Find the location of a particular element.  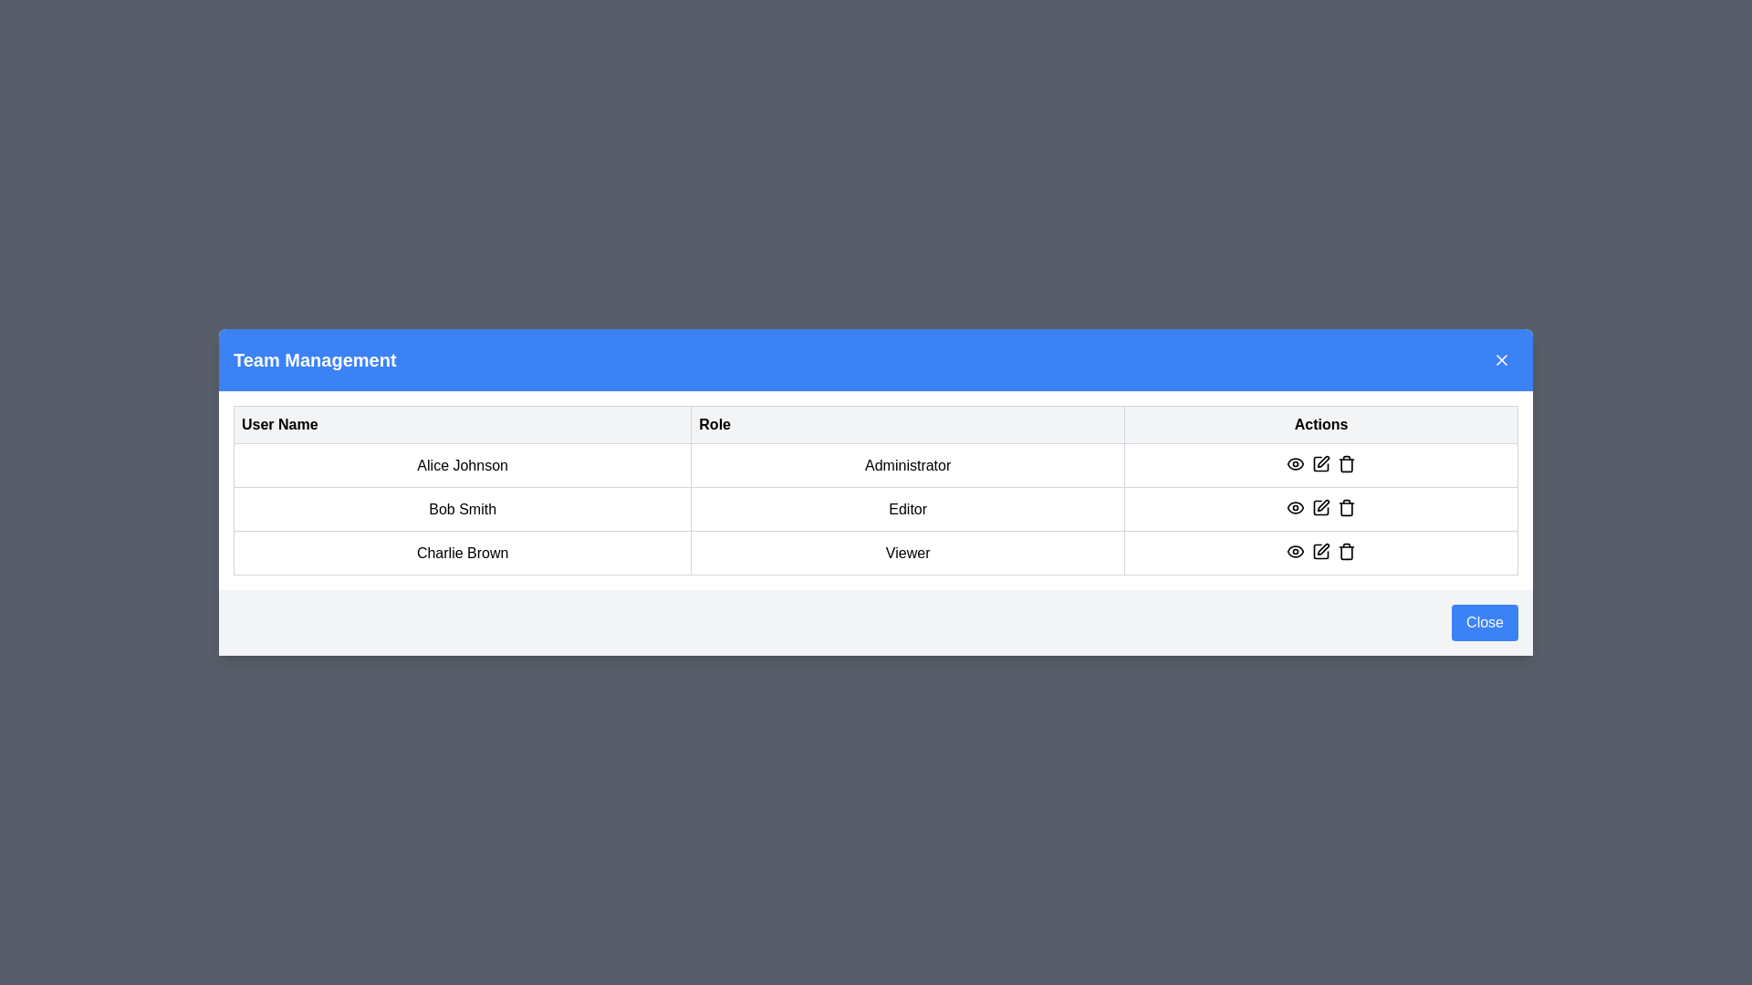

the close button located at the bottom-right corner of the modal is located at coordinates (1485, 621).